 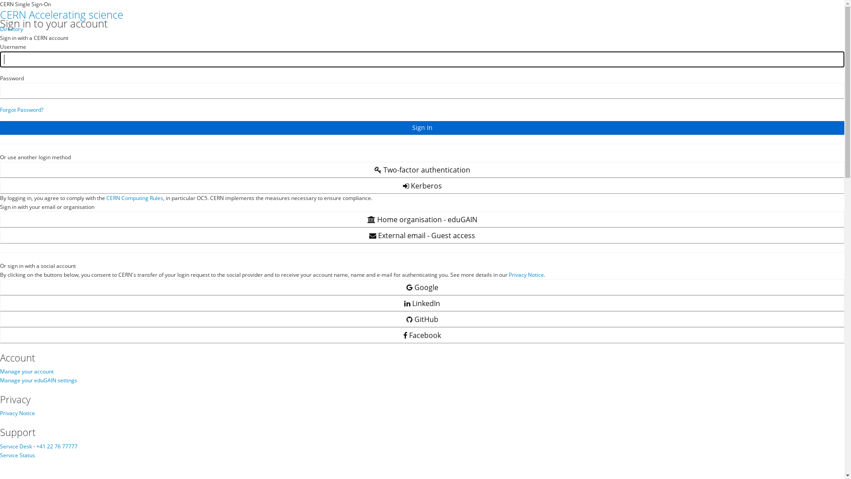 What do you see at coordinates (56, 446) in the screenshot?
I see `'+41 22 76 77777'` at bounding box center [56, 446].